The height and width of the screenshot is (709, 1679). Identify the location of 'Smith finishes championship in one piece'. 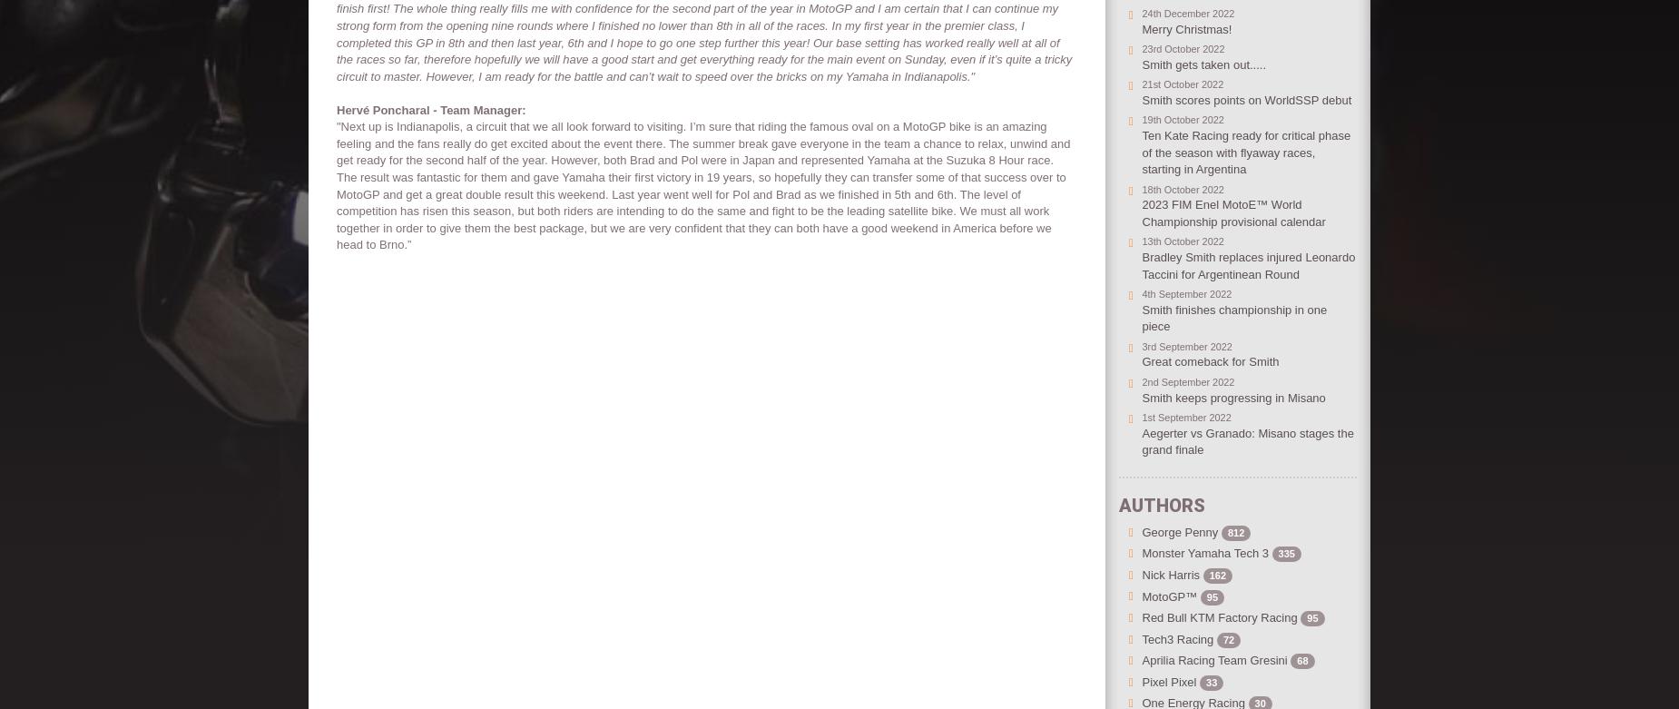
(1232, 317).